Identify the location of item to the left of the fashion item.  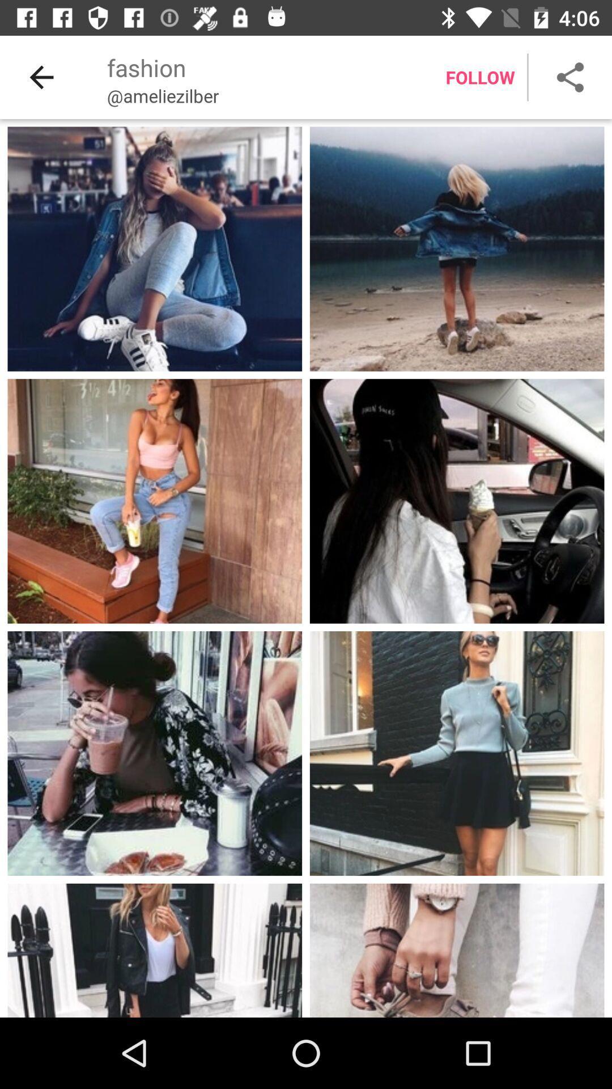
(41, 77).